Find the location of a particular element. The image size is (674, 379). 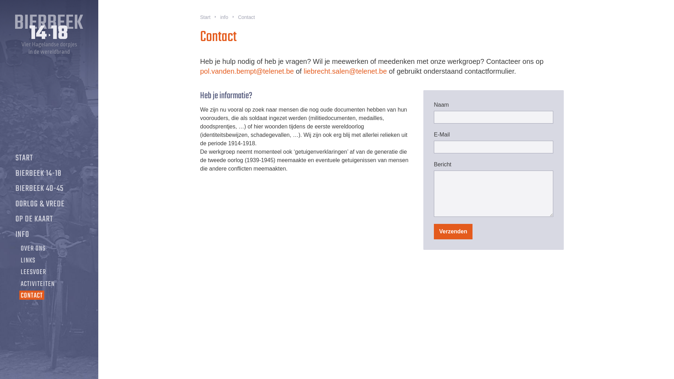

'Start' is located at coordinates (205, 17).